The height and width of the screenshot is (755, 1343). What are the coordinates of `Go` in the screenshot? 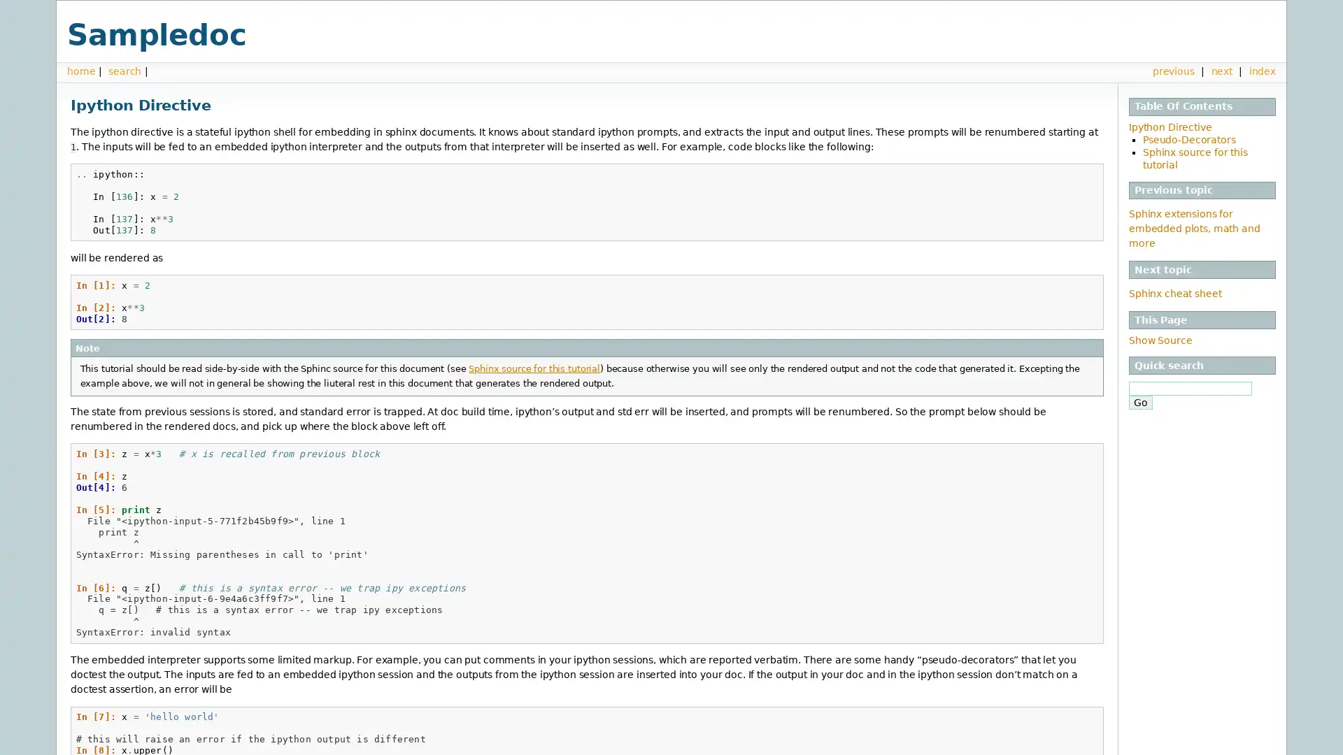 It's located at (1141, 402).